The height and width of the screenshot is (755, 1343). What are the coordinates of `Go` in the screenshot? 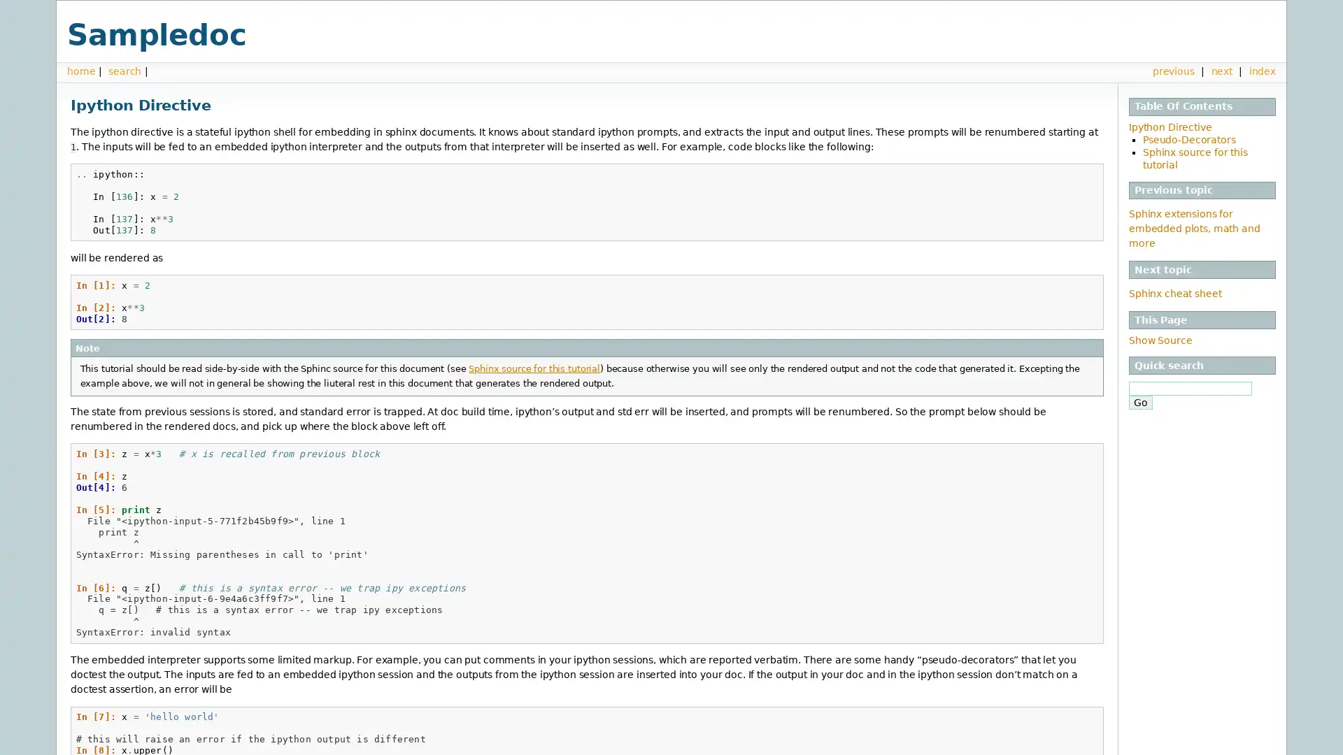 It's located at (1141, 402).